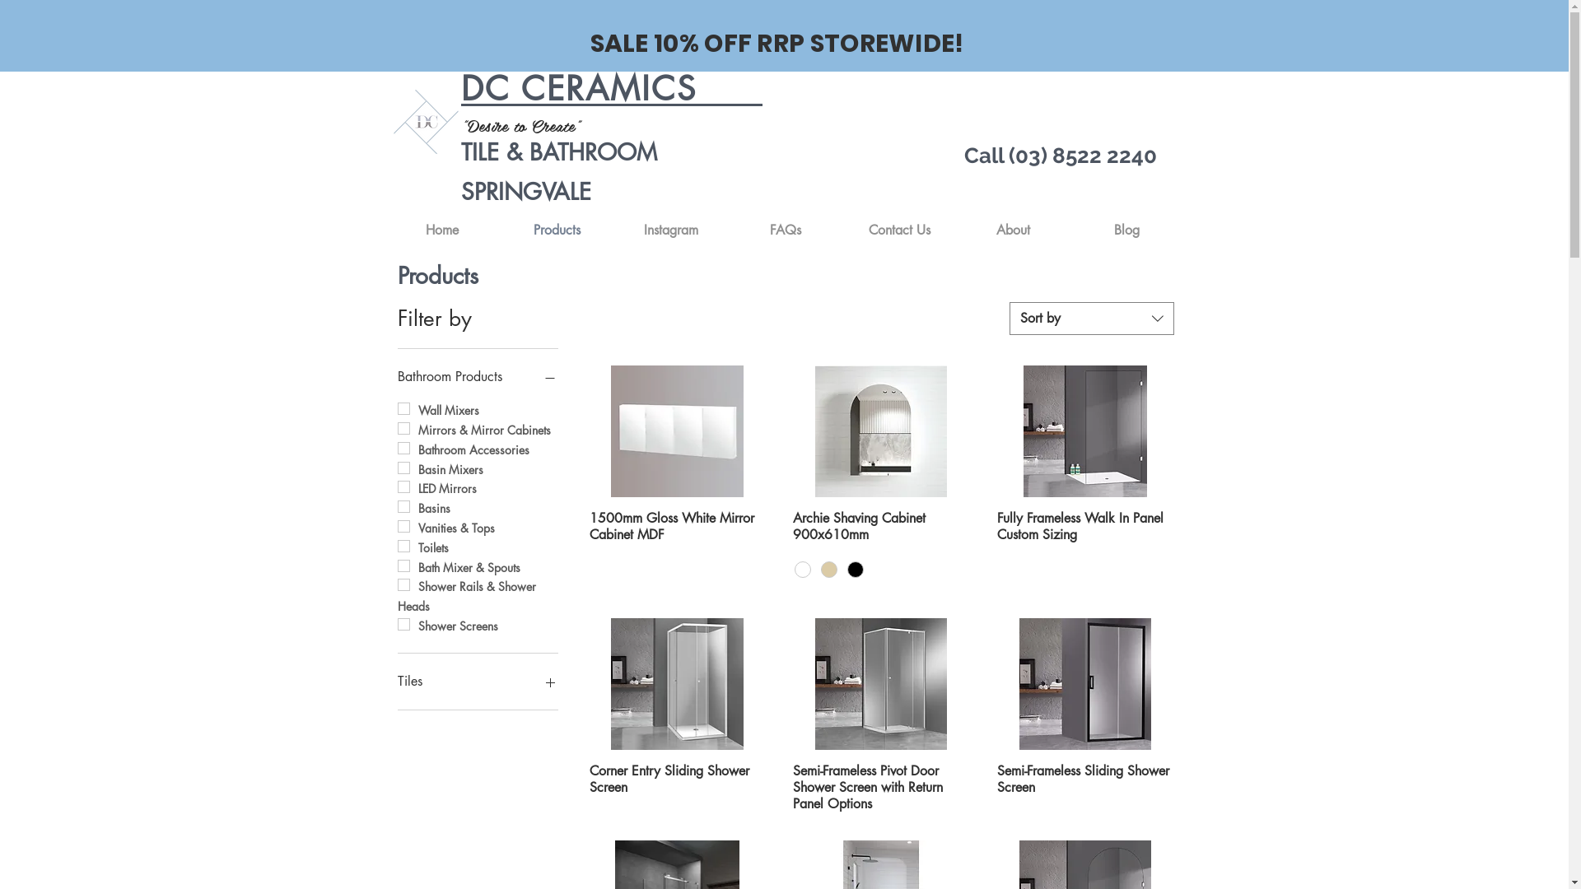 The width and height of the screenshot is (1581, 889). What do you see at coordinates (589, 550) in the screenshot?
I see `'1500mm Gloss White Mirror Cabinet MDF'` at bounding box center [589, 550].